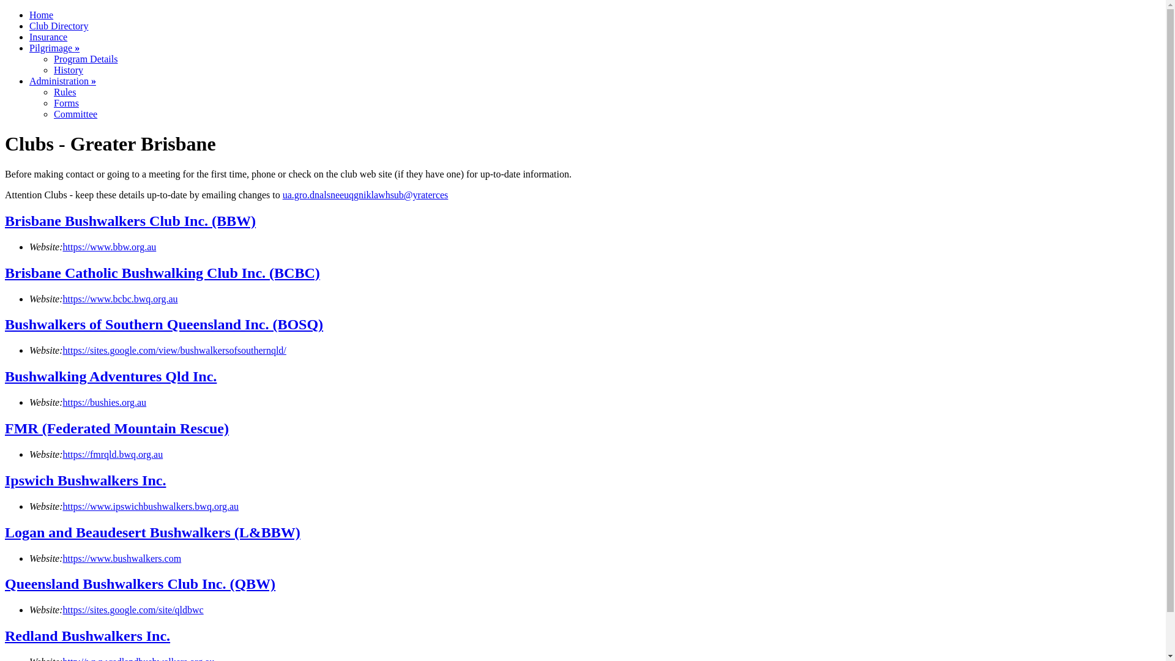 This screenshot has height=661, width=1175. What do you see at coordinates (150, 506) in the screenshot?
I see `'https://www.ipswichbushwalkers.bwq.org.au'` at bounding box center [150, 506].